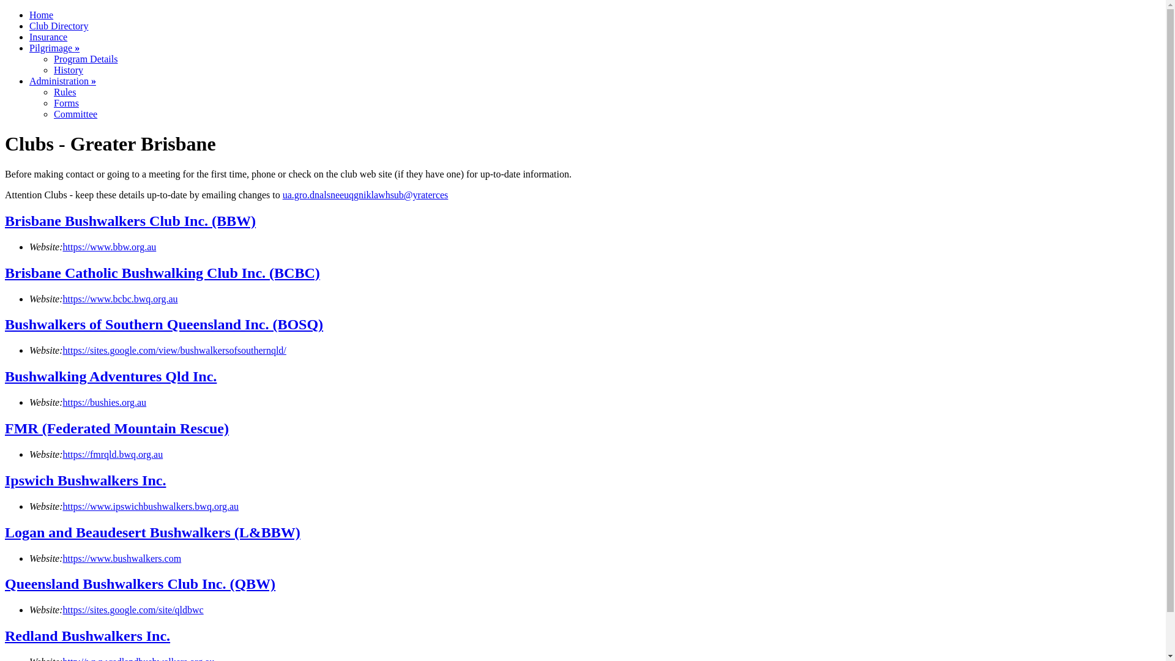 This screenshot has height=661, width=1175. What do you see at coordinates (150, 506) in the screenshot?
I see `'https://www.ipswichbushwalkers.bwq.org.au'` at bounding box center [150, 506].